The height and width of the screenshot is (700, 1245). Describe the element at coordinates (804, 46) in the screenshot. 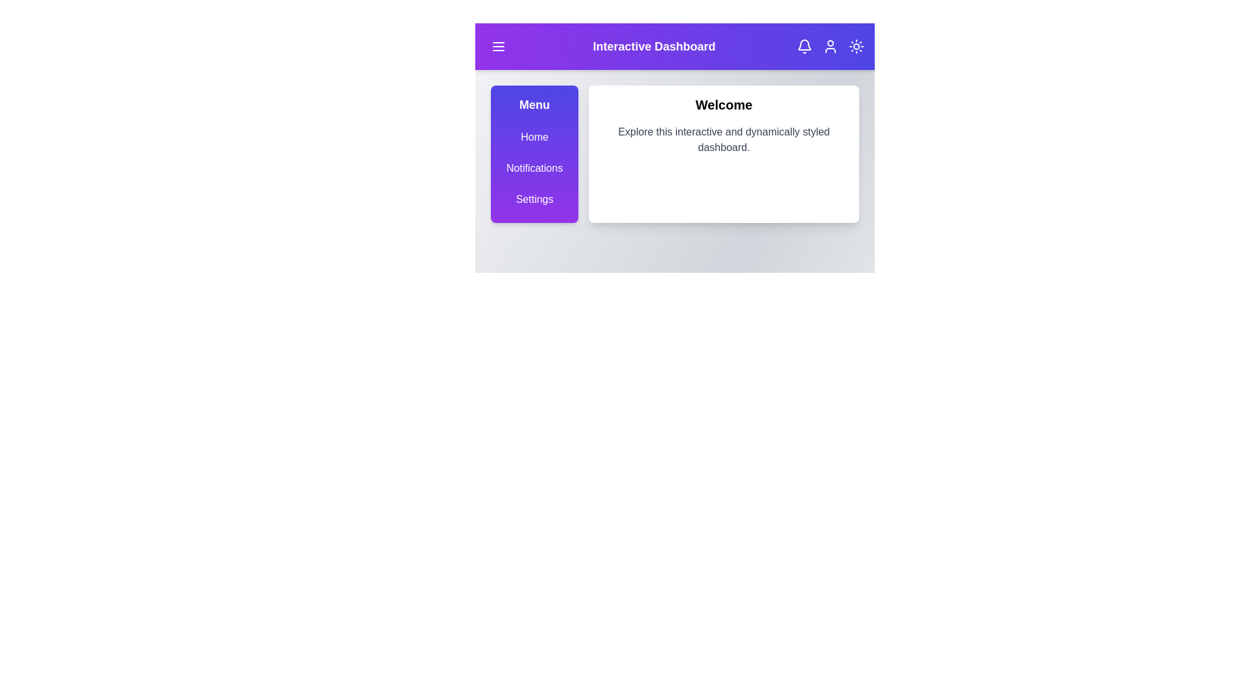

I see `the notification icon to view notifications` at that location.